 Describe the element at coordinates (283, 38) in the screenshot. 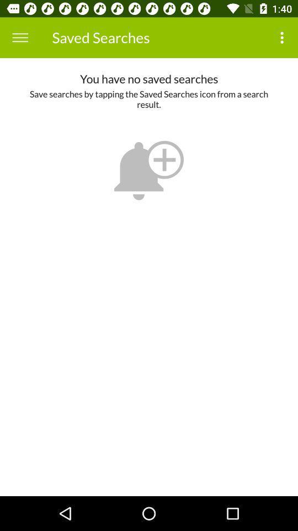

I see `the item to the right of the saved searches` at that location.